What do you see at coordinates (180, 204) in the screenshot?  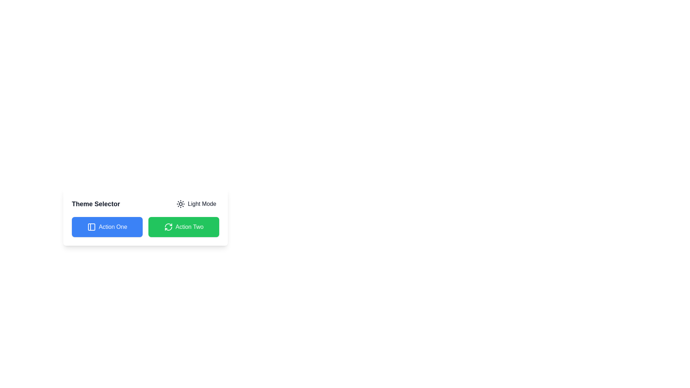 I see `the 'Light Mode' button, which contains an SVG icon indicating the light mode option` at bounding box center [180, 204].